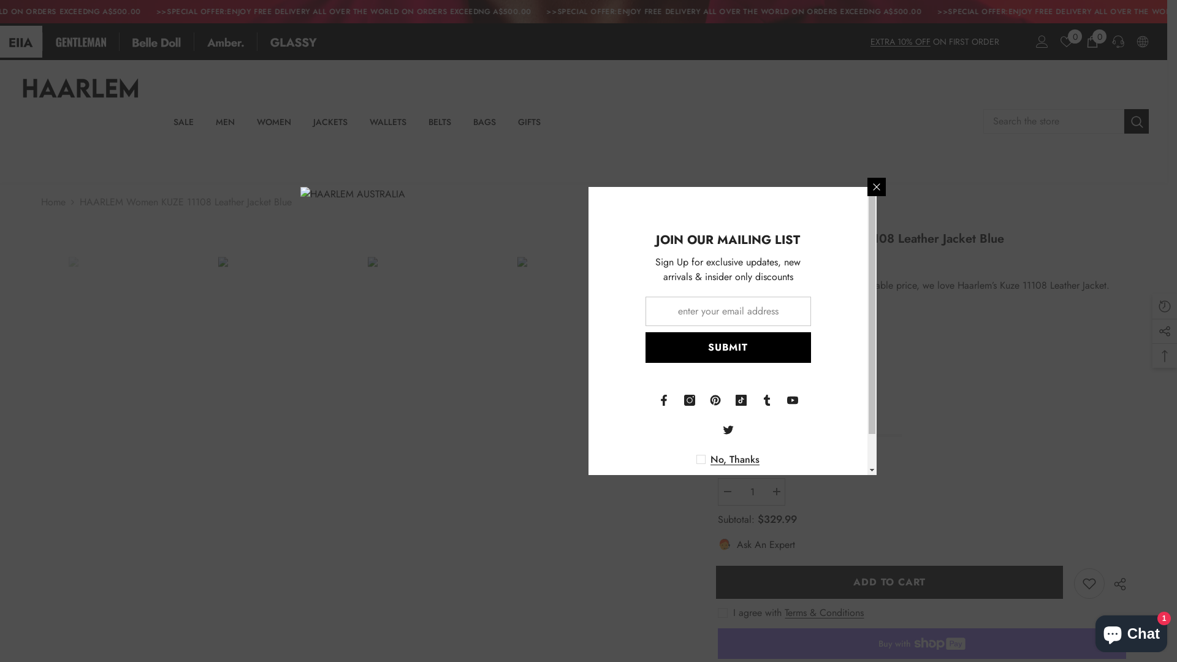 This screenshot has height=662, width=1177. What do you see at coordinates (517, 359) in the screenshot?
I see `'HAARLEM Women KUZE 11108 Leather Jacket Blue'` at bounding box center [517, 359].